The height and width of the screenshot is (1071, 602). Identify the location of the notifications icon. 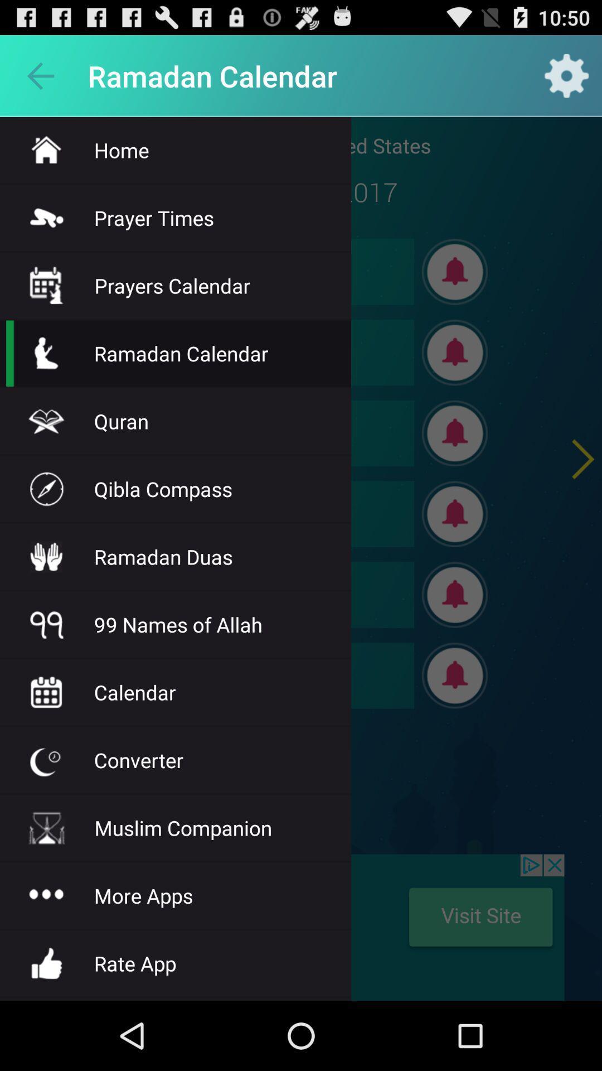
(455, 464).